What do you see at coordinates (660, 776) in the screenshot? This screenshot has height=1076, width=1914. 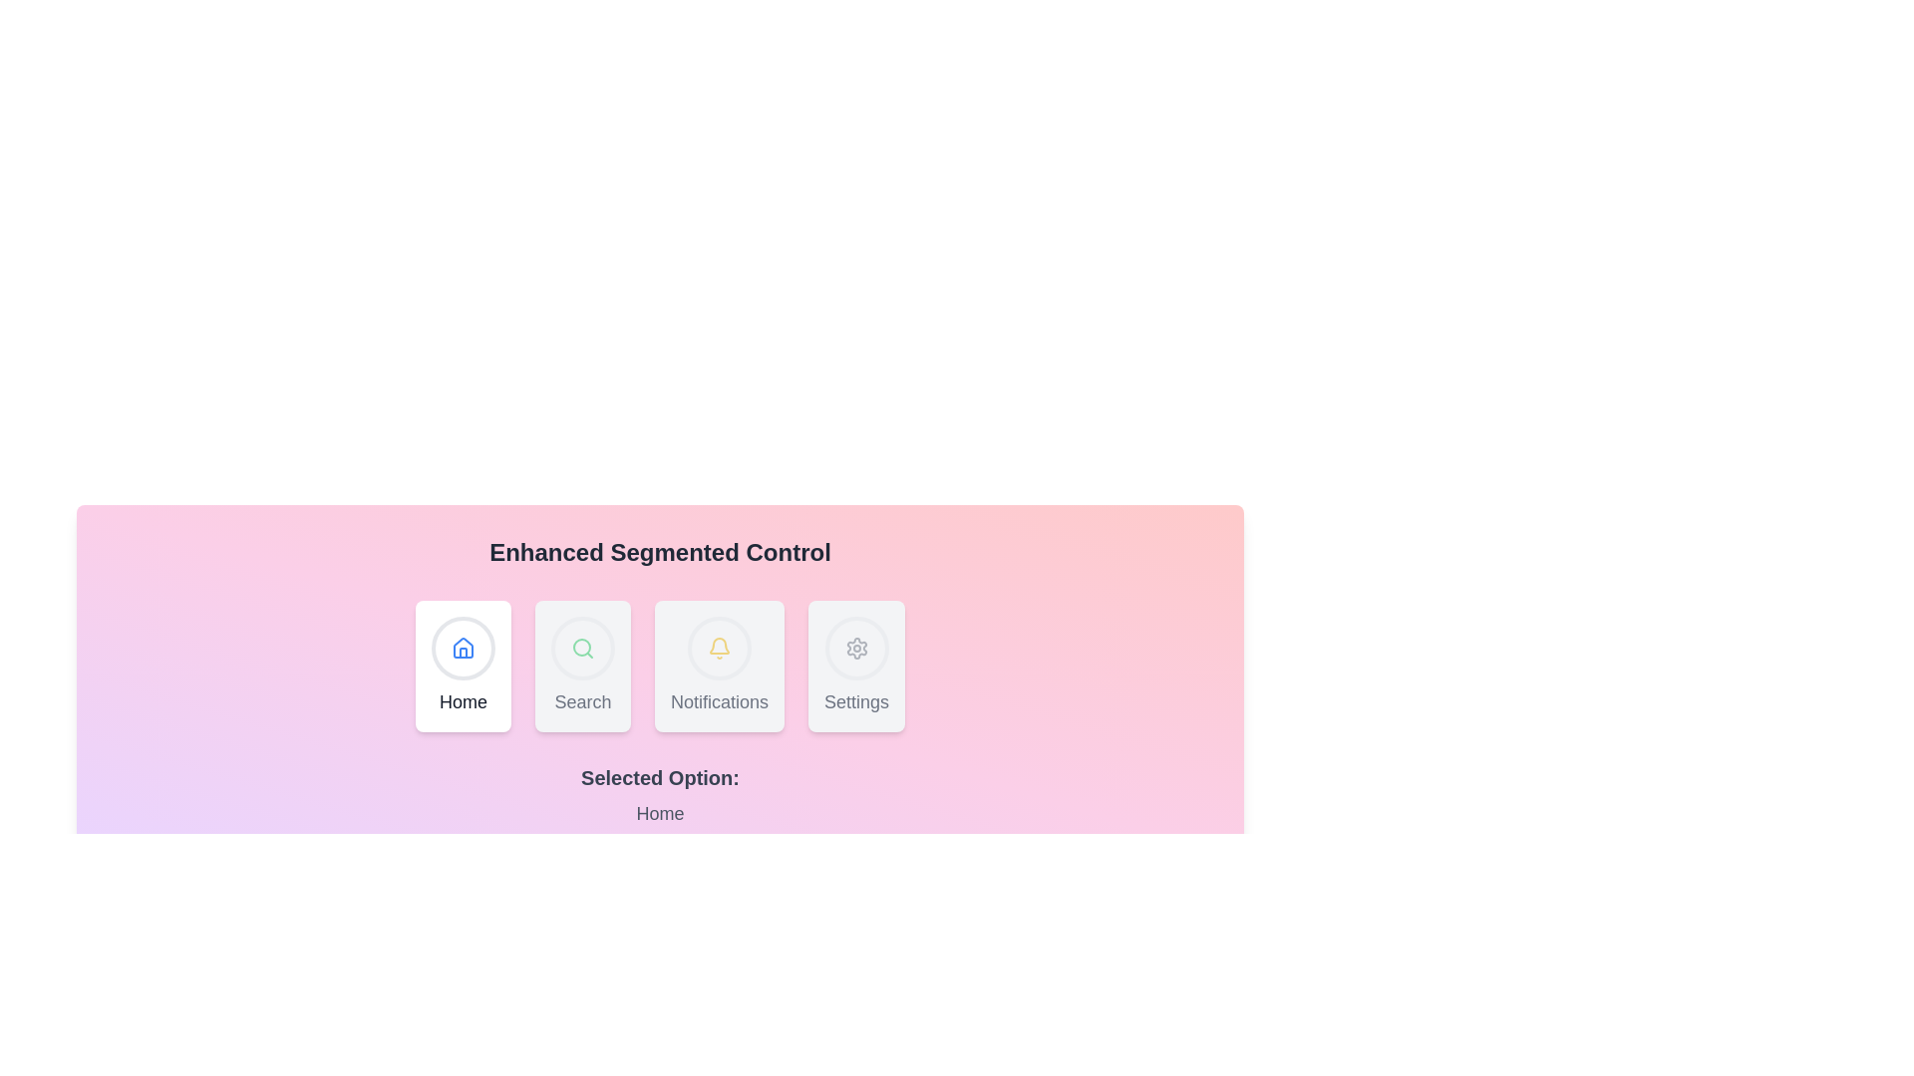 I see `the text label that indicates the active choice 'Home' in the segmented control, positioned directly below a row of selectable icons` at bounding box center [660, 776].